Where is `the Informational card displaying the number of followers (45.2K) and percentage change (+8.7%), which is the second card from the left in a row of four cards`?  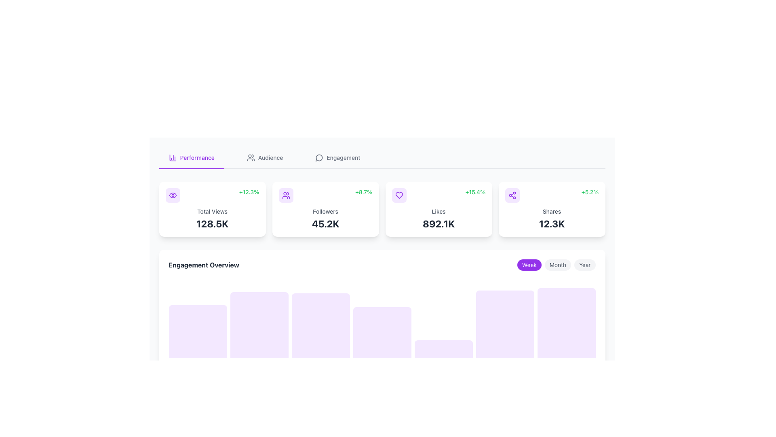
the Informational card displaying the number of followers (45.2K) and percentage change (+8.7%), which is the second card from the left in a row of four cards is located at coordinates (325, 208).